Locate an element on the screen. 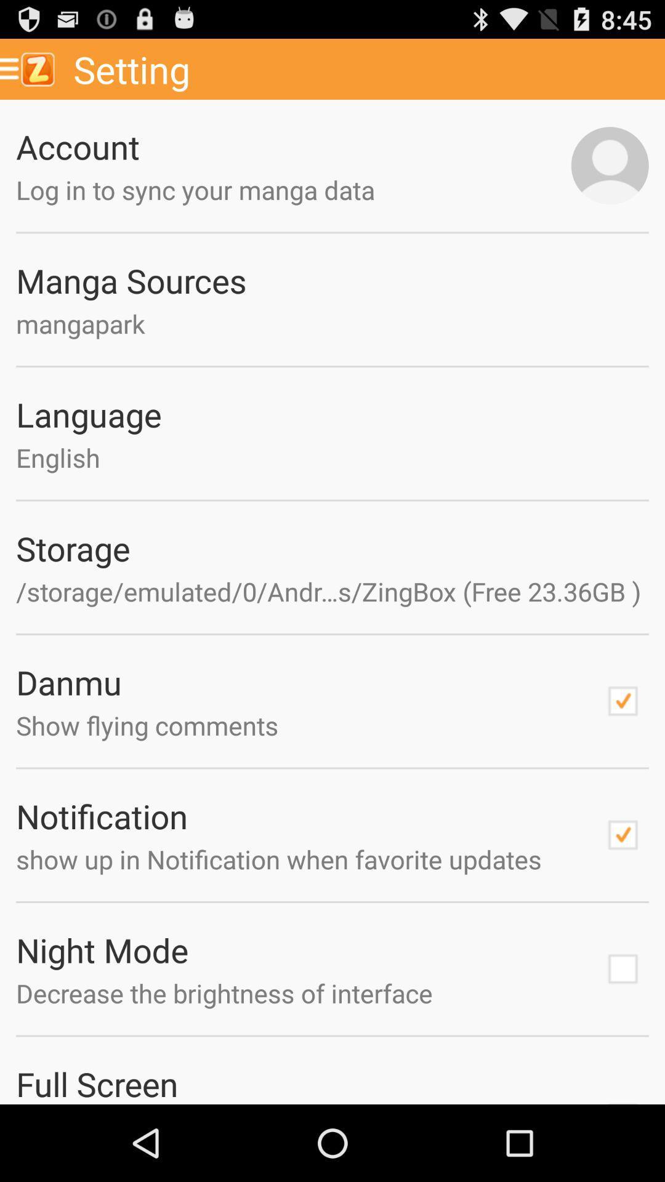 The image size is (665, 1182). storageemulated0andrszingbox  free 2336gb is located at coordinates (332, 591).